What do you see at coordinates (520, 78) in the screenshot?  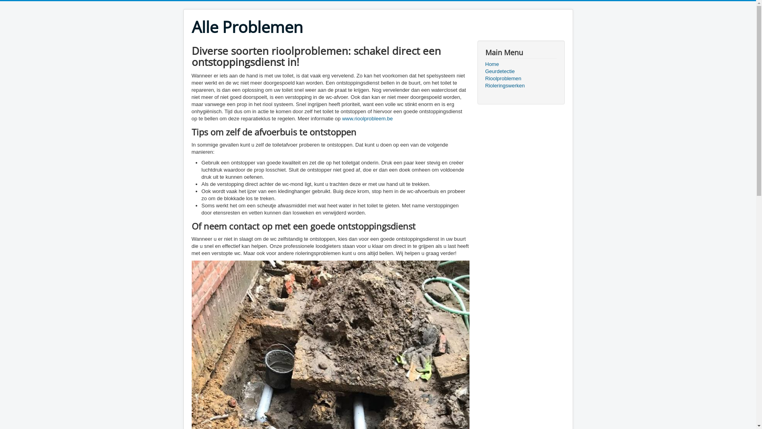 I see `'Rioolproblemen'` at bounding box center [520, 78].